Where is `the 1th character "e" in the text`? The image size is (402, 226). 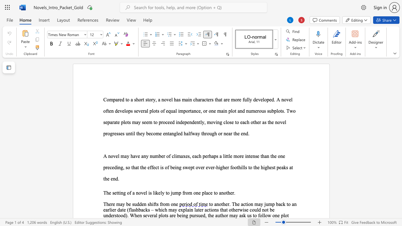
the 1th character "e" in the text is located at coordinates (106, 122).